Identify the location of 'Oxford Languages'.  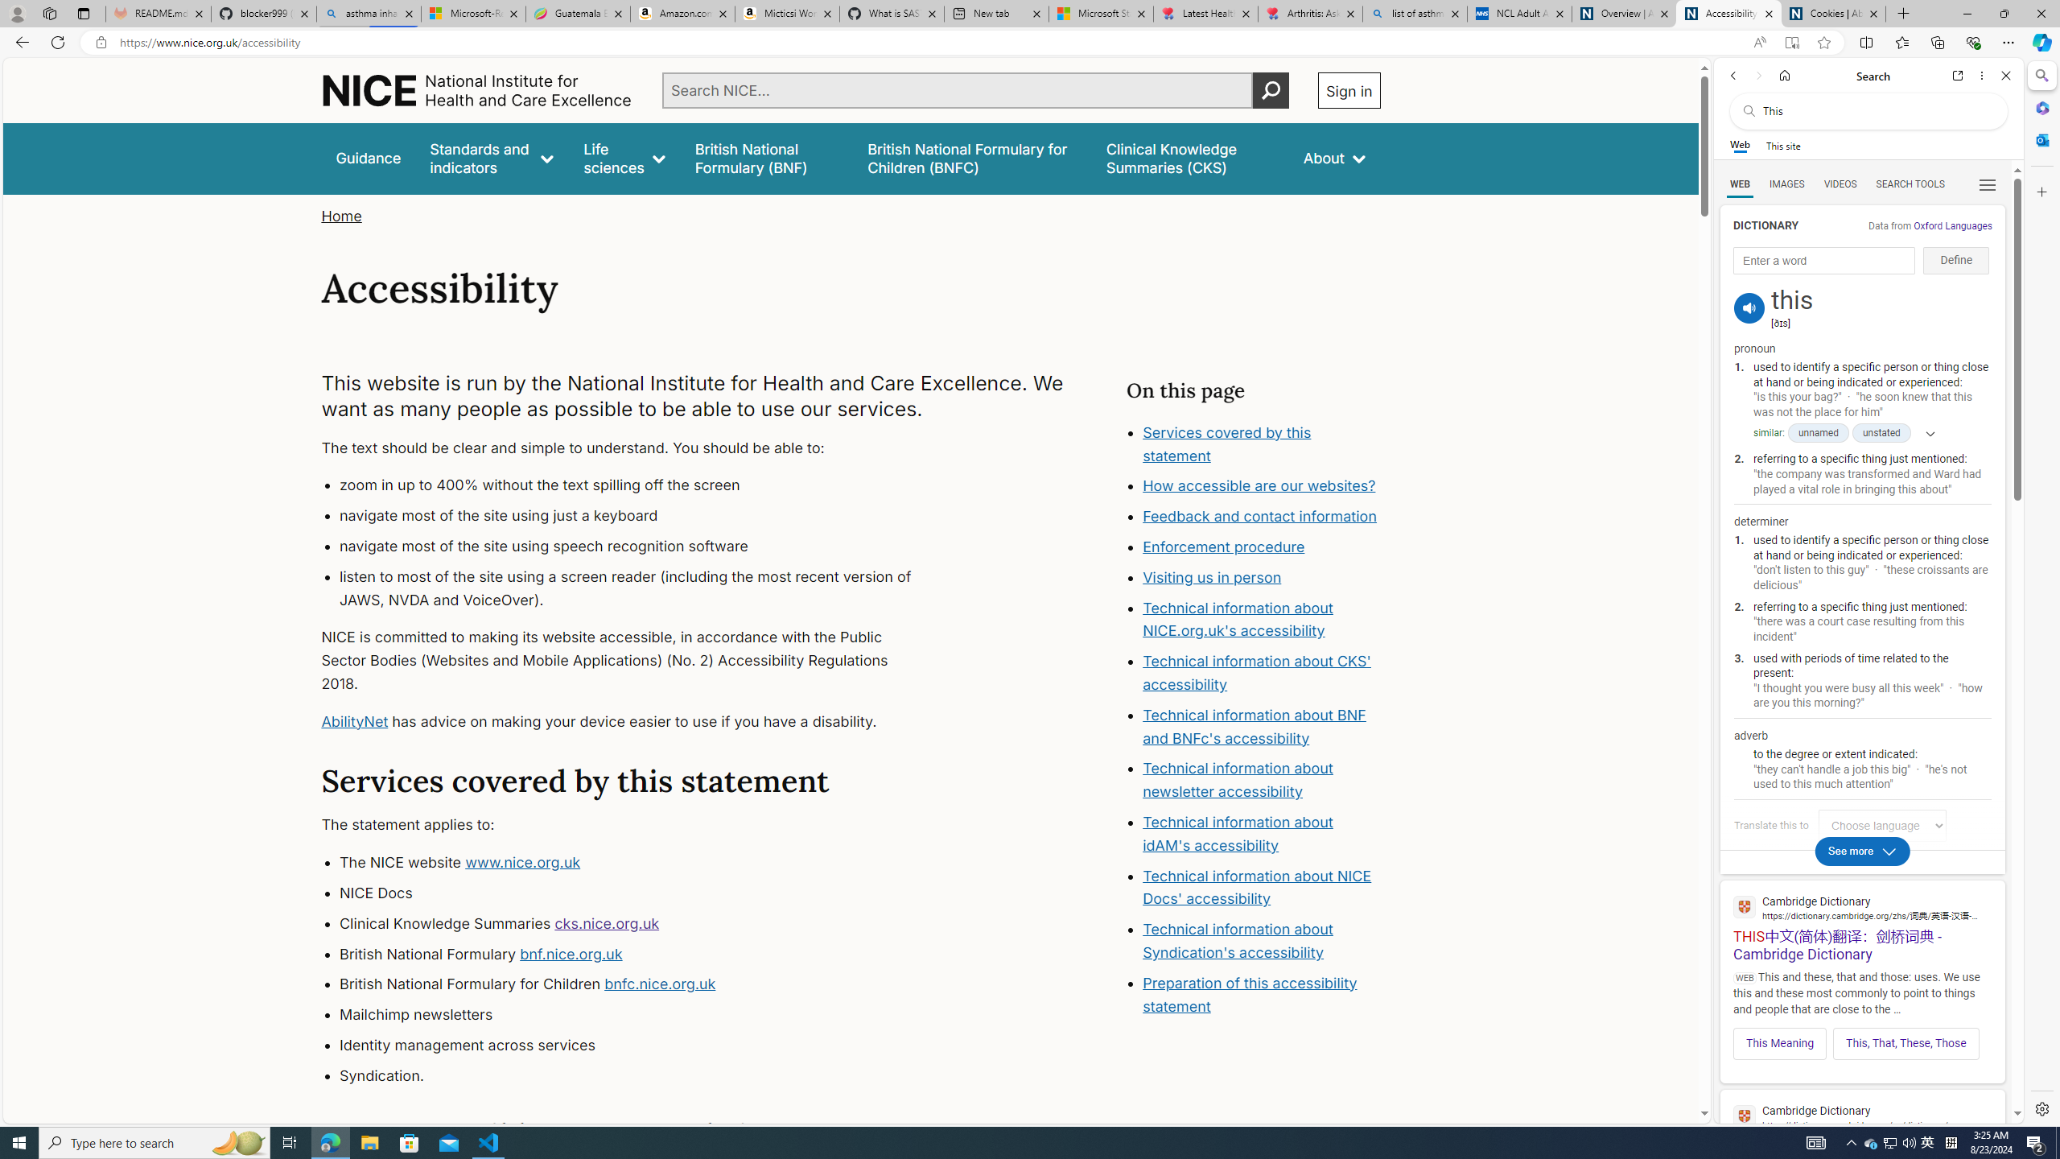
(1951, 225).